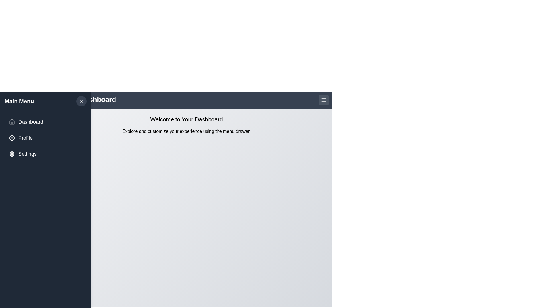  Describe the element at coordinates (12, 154) in the screenshot. I see `the cog-shaped outline in the settings icon located in the menu sidebar, adjacent to the 'Settings' label` at that location.